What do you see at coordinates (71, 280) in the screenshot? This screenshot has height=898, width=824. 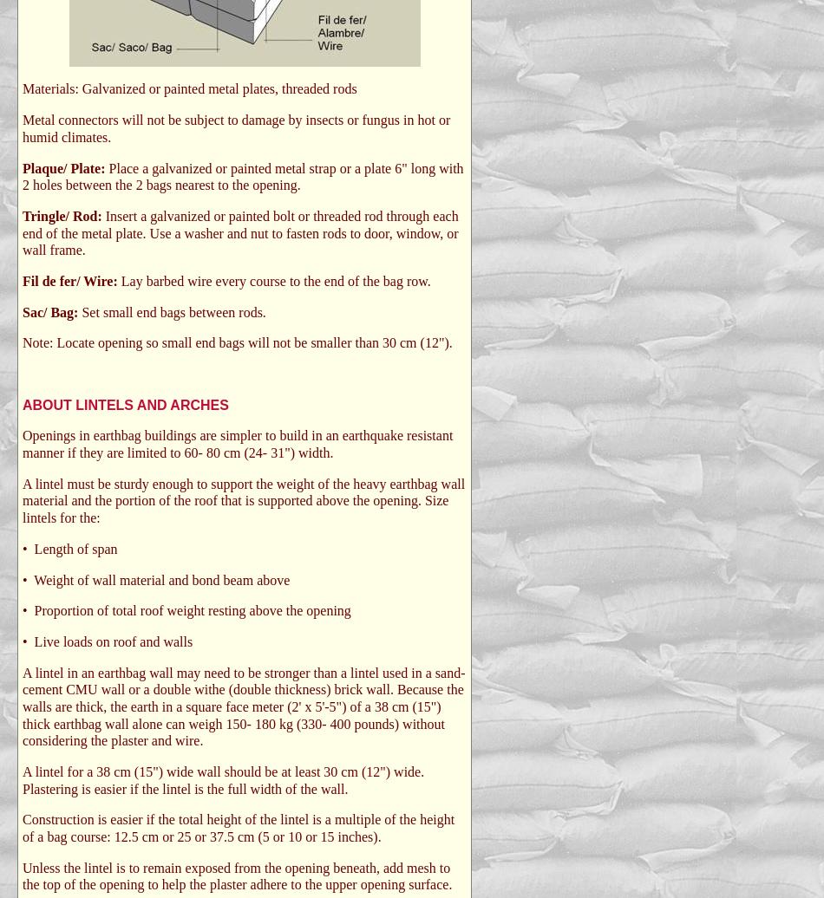 I see `'Fil de fer/ Wire:'` at bounding box center [71, 280].